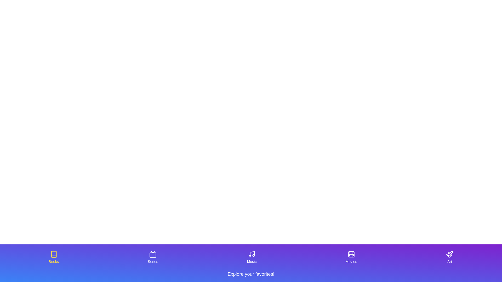 Image resolution: width=502 pixels, height=282 pixels. What do you see at coordinates (252, 257) in the screenshot?
I see `the tab labeled 'Music' to observe its hover effect` at bounding box center [252, 257].